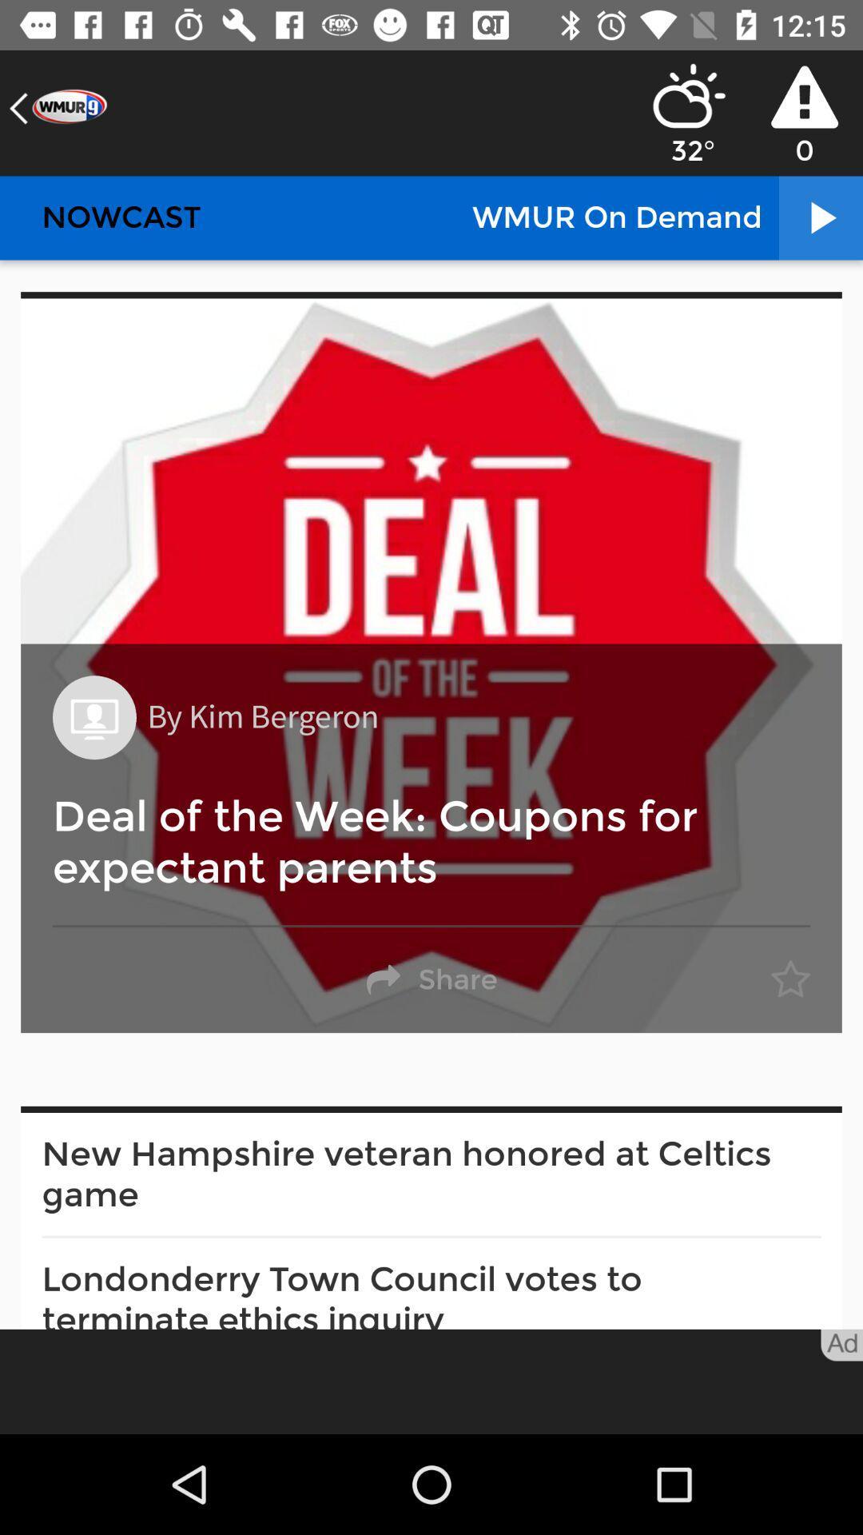 The image size is (863, 1535). Describe the element at coordinates (58, 108) in the screenshot. I see `the arrow_backward icon` at that location.